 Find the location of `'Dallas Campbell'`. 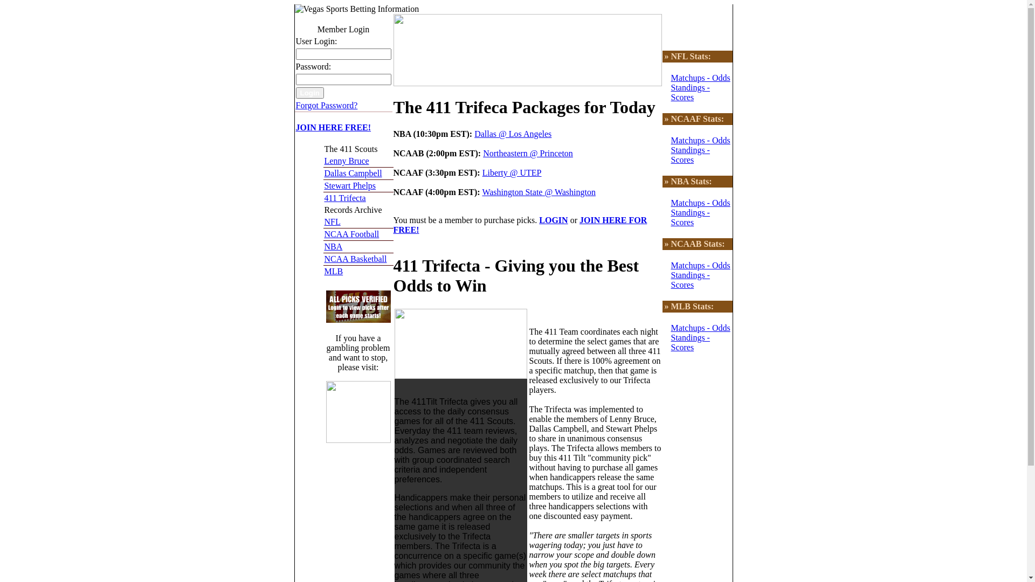

'Dallas Campbell' is located at coordinates (323, 172).